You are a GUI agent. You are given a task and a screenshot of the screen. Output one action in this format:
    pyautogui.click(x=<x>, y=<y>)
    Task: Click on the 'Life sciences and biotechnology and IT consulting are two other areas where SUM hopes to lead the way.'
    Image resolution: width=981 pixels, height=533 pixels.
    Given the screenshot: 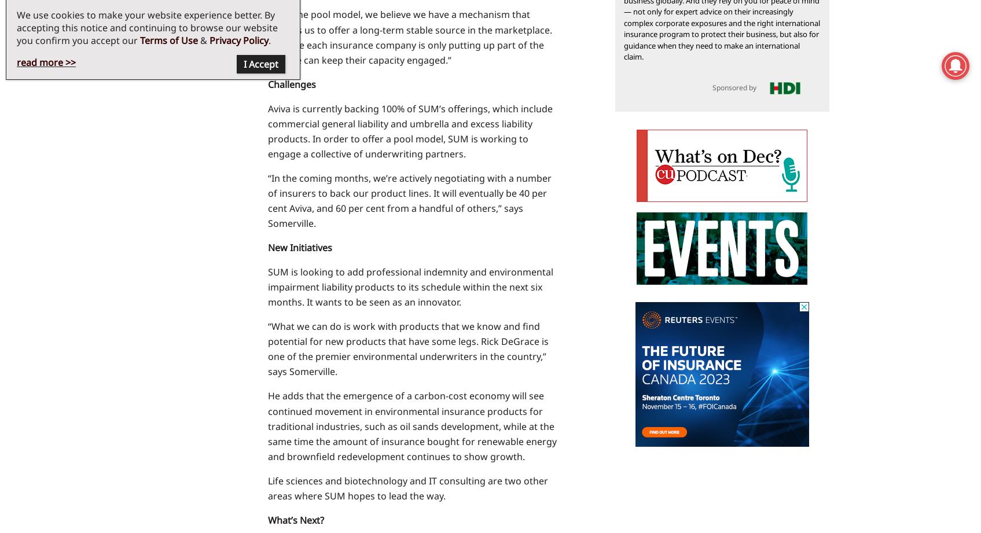 What is the action you would take?
    pyautogui.click(x=407, y=487)
    